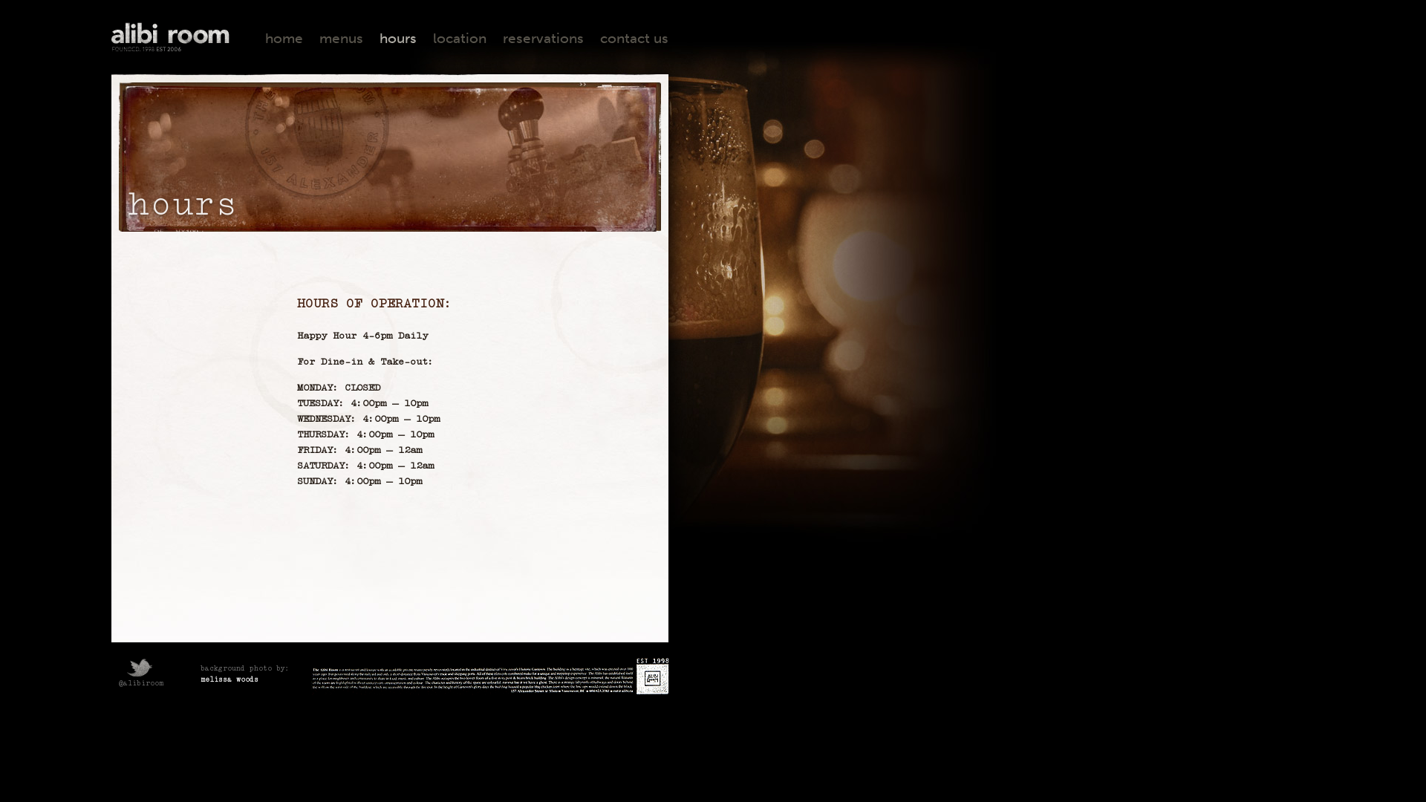  What do you see at coordinates (542, 37) in the screenshot?
I see `'reservations'` at bounding box center [542, 37].